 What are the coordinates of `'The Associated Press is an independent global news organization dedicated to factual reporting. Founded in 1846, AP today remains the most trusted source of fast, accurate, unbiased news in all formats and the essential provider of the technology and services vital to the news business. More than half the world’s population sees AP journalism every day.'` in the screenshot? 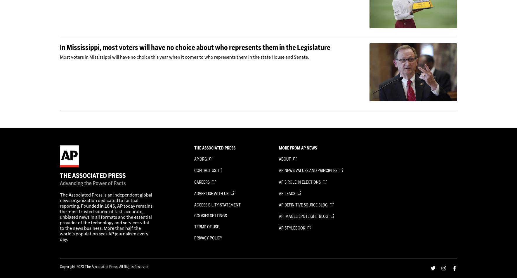 It's located at (106, 217).